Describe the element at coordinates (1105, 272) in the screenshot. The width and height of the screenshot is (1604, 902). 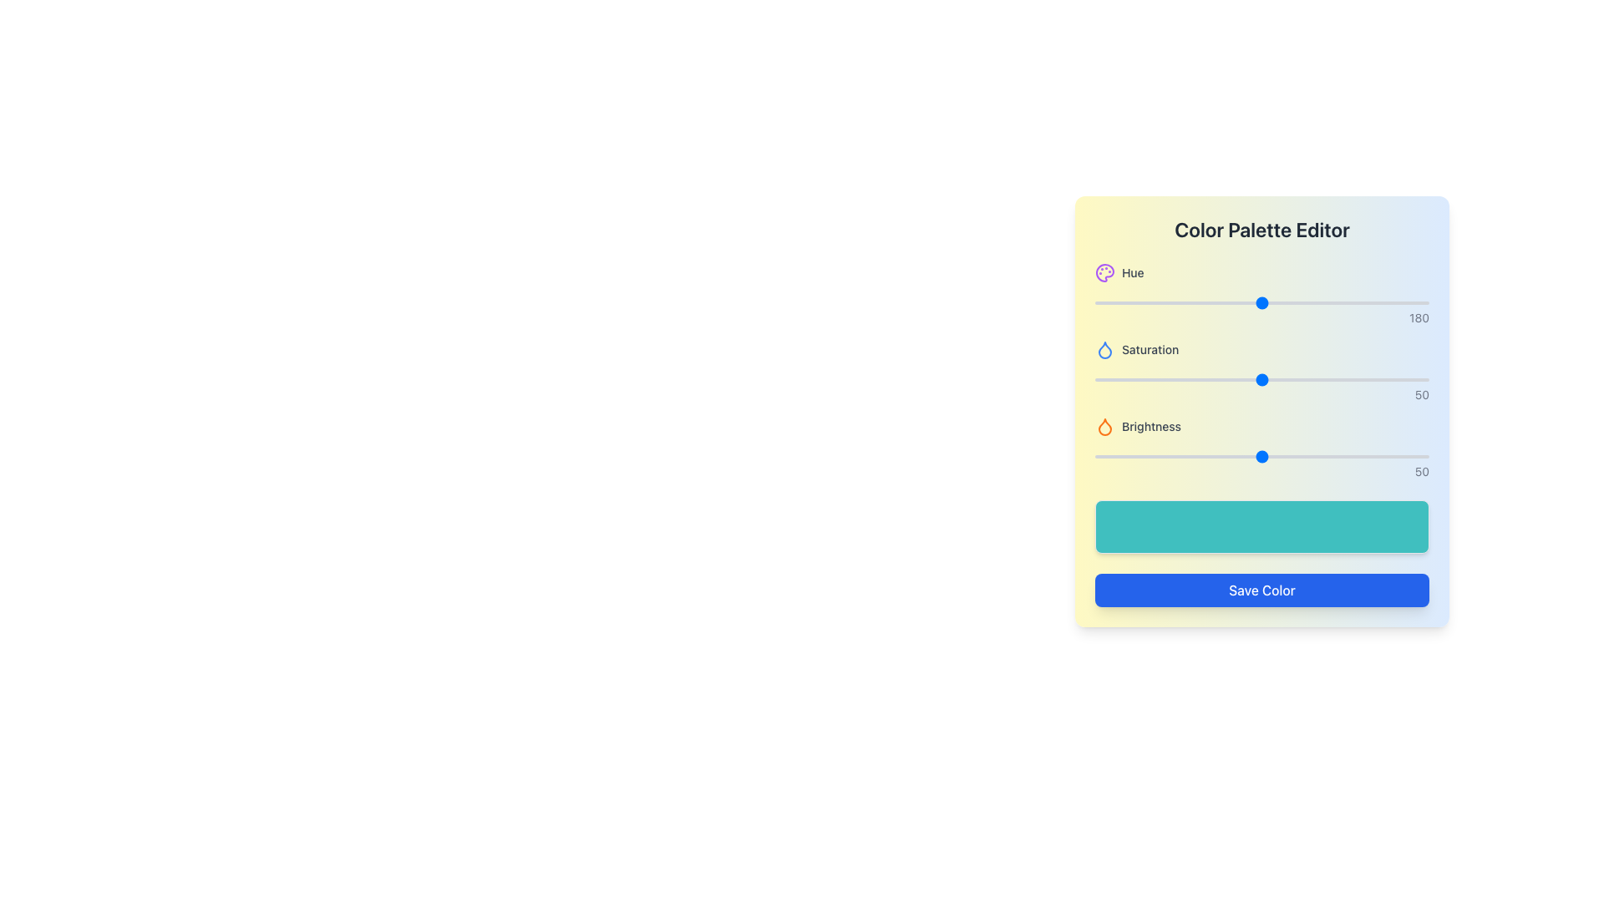
I see `the main body of the palette icon located in the top-left corner of the Color Palette Editor, near the 'Hue' label for potential interaction` at that location.